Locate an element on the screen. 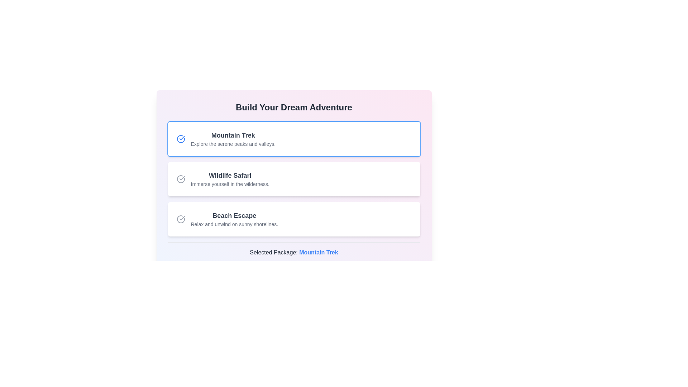 The width and height of the screenshot is (688, 387). the circular SVG icon with a checkmark symbol, located in the top-left corner of the 'Wildlife Safari' card, which serves as a visual indicator for the associated text content is located at coordinates (181, 179).